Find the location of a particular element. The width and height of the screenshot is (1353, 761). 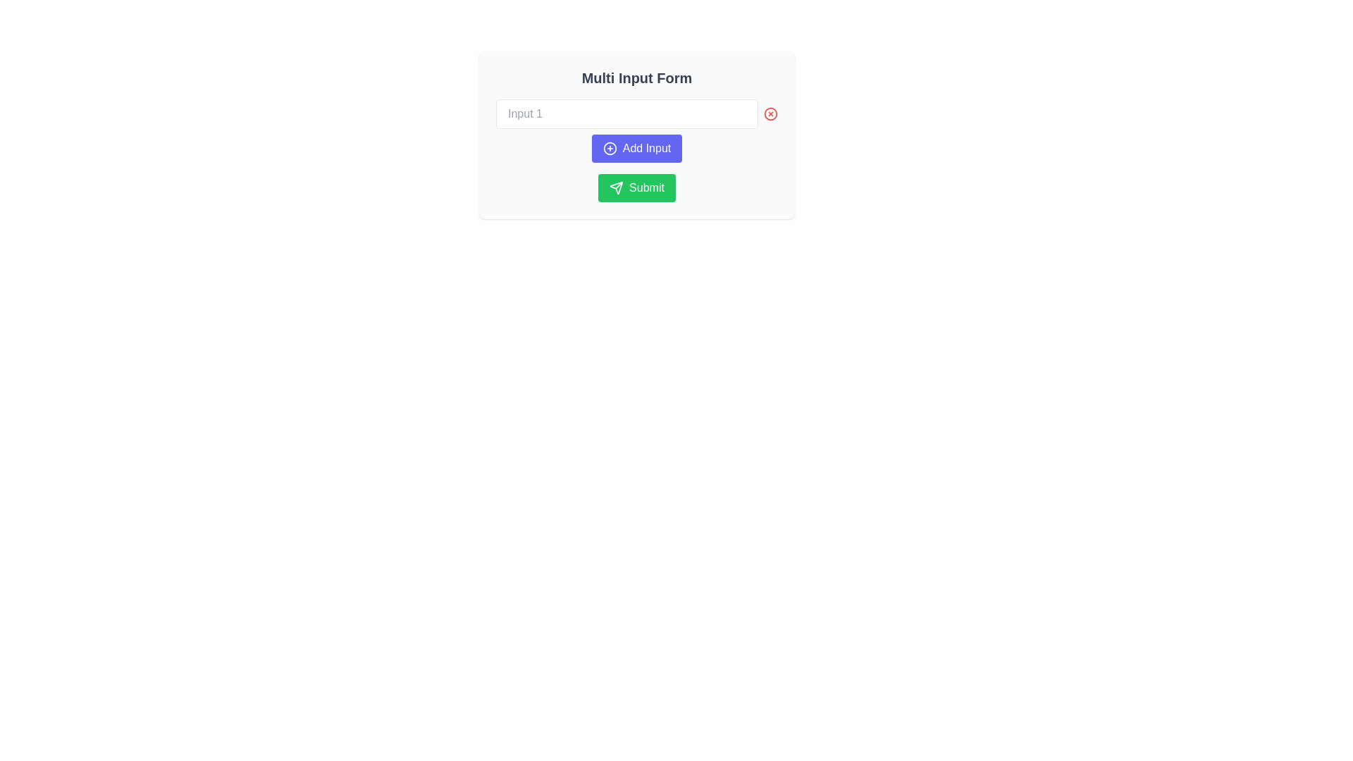

the green 'Submit' button with a paper plane icon, located at the lower center of the 'Multi Input Form' to interact with its hover styles is located at coordinates (636, 187).